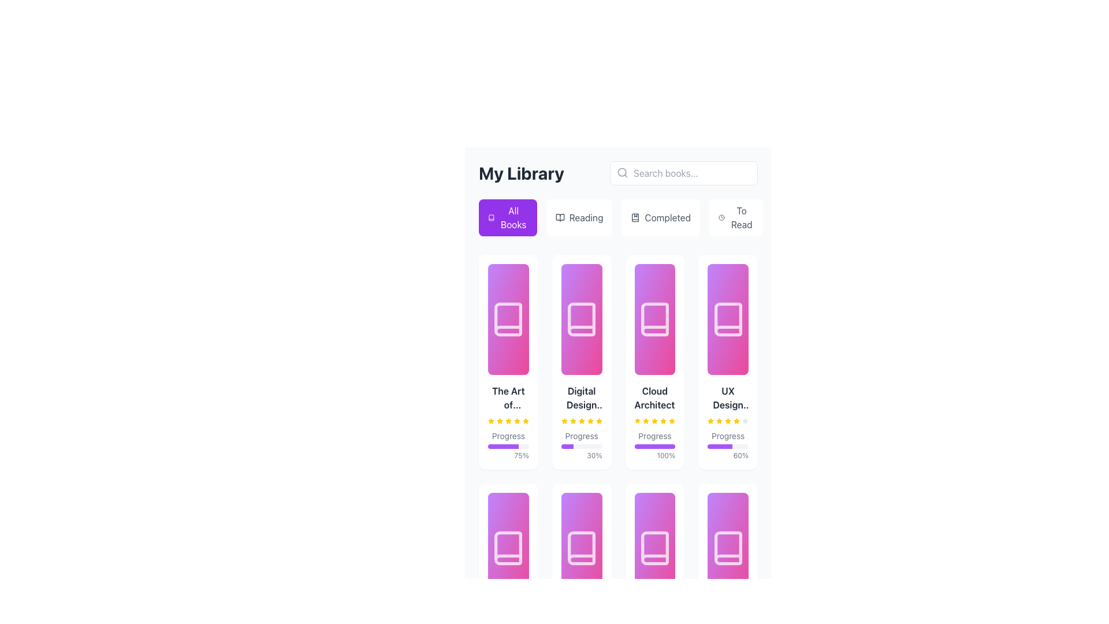  What do you see at coordinates (525, 421) in the screenshot?
I see `the 5th star-shaped icon with a yellow fill and border, indicating a rating beneath the item titled 'The Art of...' in the grid layout` at bounding box center [525, 421].